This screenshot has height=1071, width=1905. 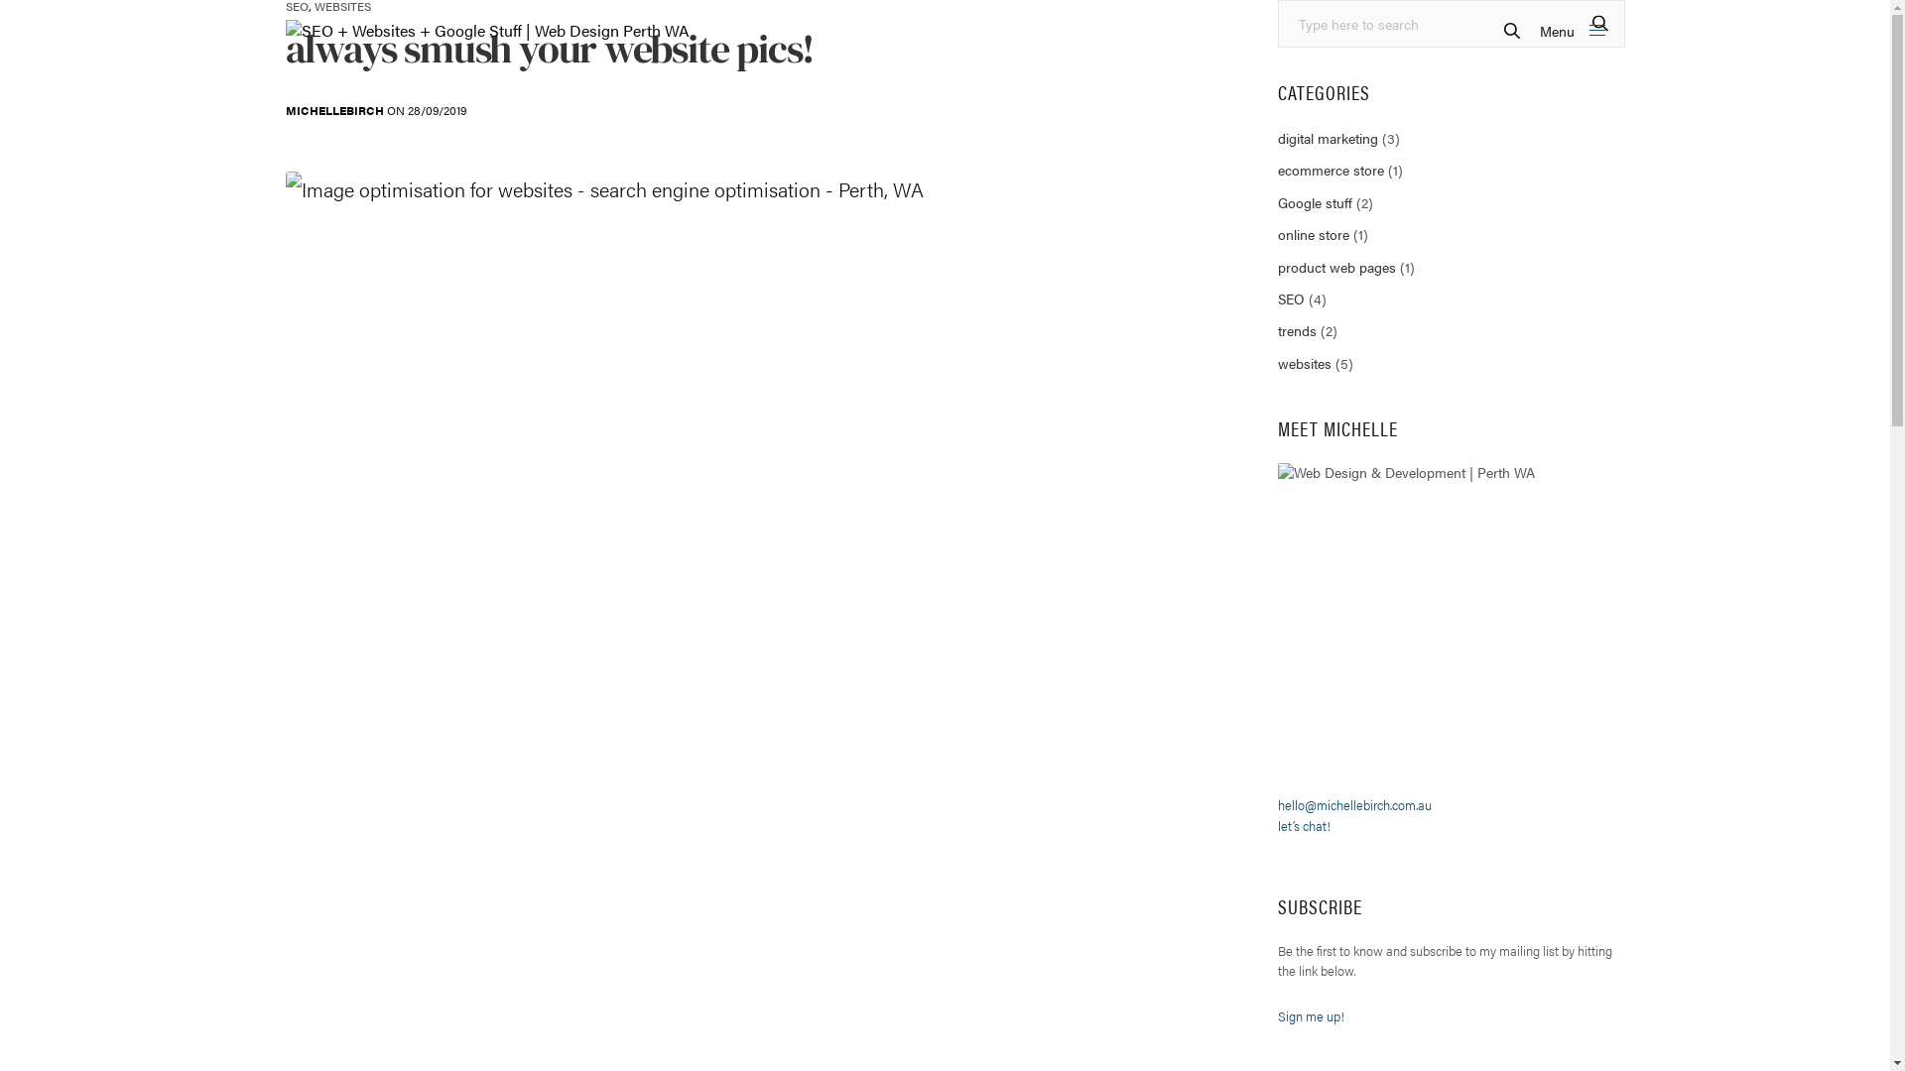 I want to click on 'SEO + Websites + Google Stuff | Web Design Perth WA', so click(x=487, y=30).